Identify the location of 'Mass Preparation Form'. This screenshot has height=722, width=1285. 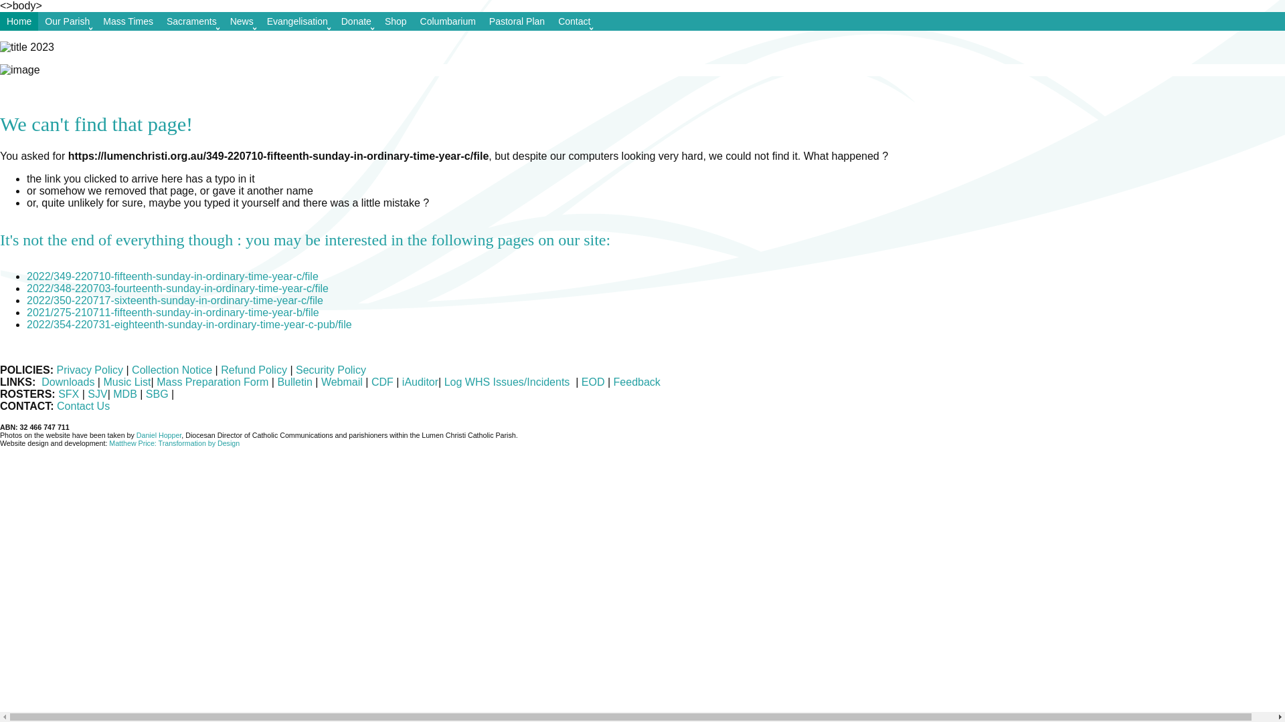
(211, 382).